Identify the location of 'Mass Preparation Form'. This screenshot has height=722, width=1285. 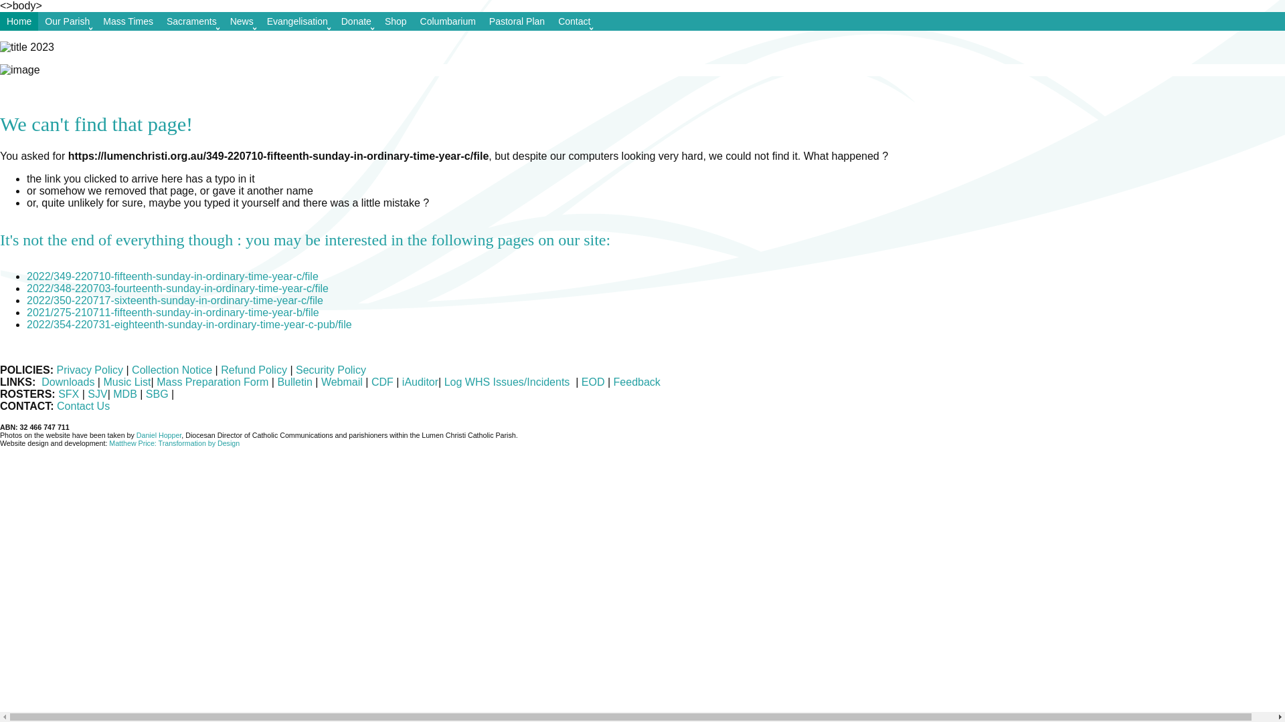
(211, 382).